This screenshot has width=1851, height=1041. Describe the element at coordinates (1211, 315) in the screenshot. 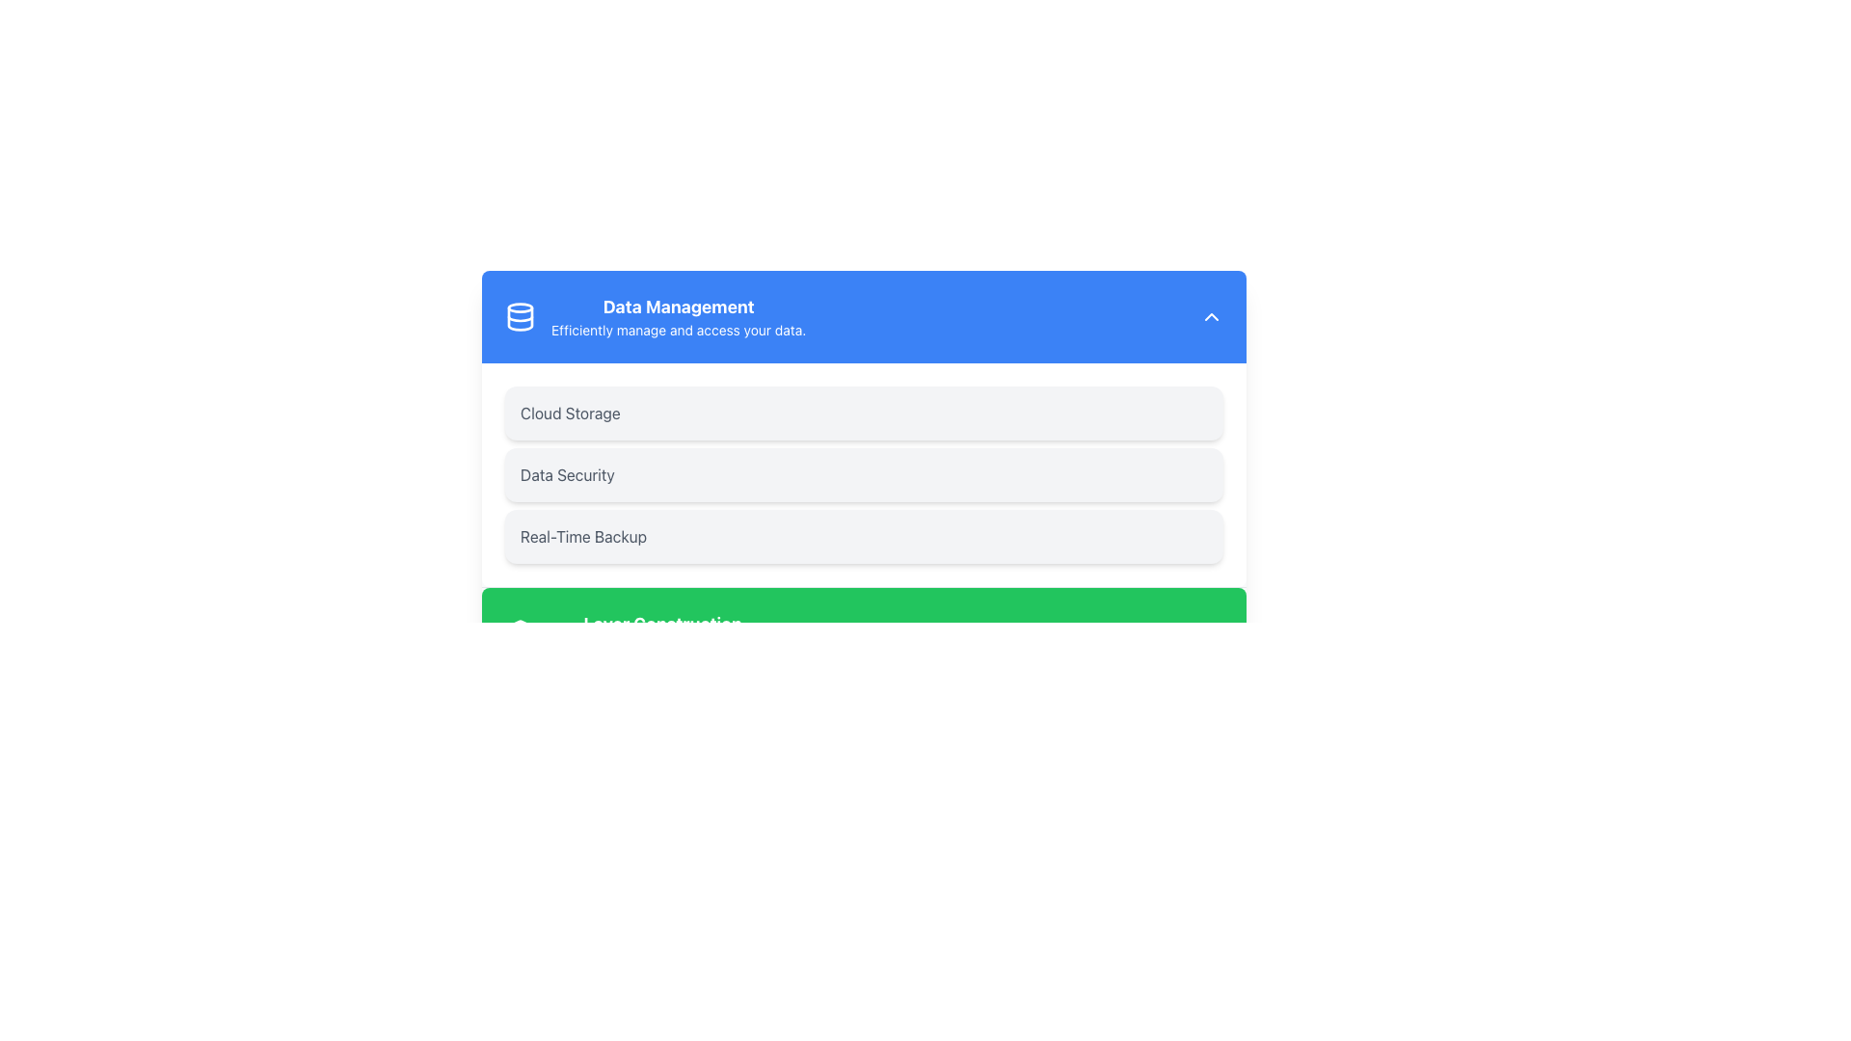

I see `the upward-facing arrow icon, which is a small triangular icon with a white outline on a rounded blue background, located in the top-right corner of the blue header bar next to 'Data Management'` at that location.